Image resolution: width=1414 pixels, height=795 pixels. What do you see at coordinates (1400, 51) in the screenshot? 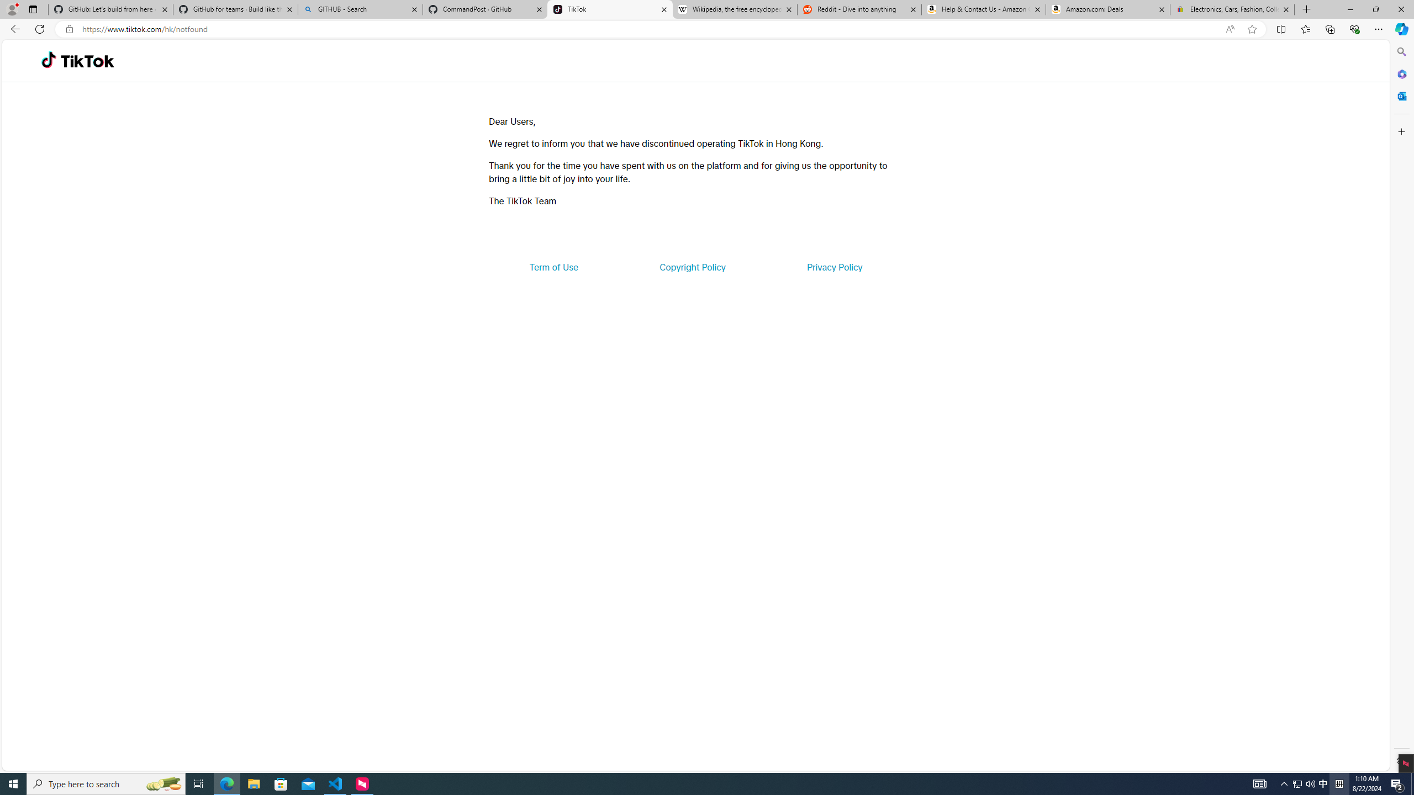
I see `'Search'` at bounding box center [1400, 51].